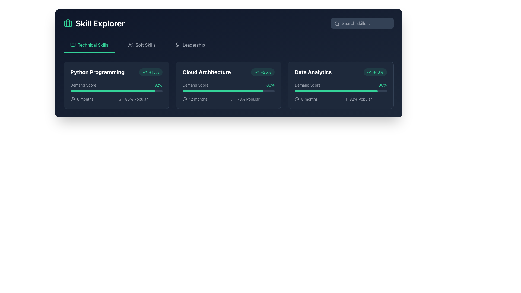 Image resolution: width=521 pixels, height=293 pixels. I want to click on the SVG circle graphic, which is part of the clock illustration in the 'Cloud Architecture' card, the second card in the 'Technical Skills' section, so click(185, 99).